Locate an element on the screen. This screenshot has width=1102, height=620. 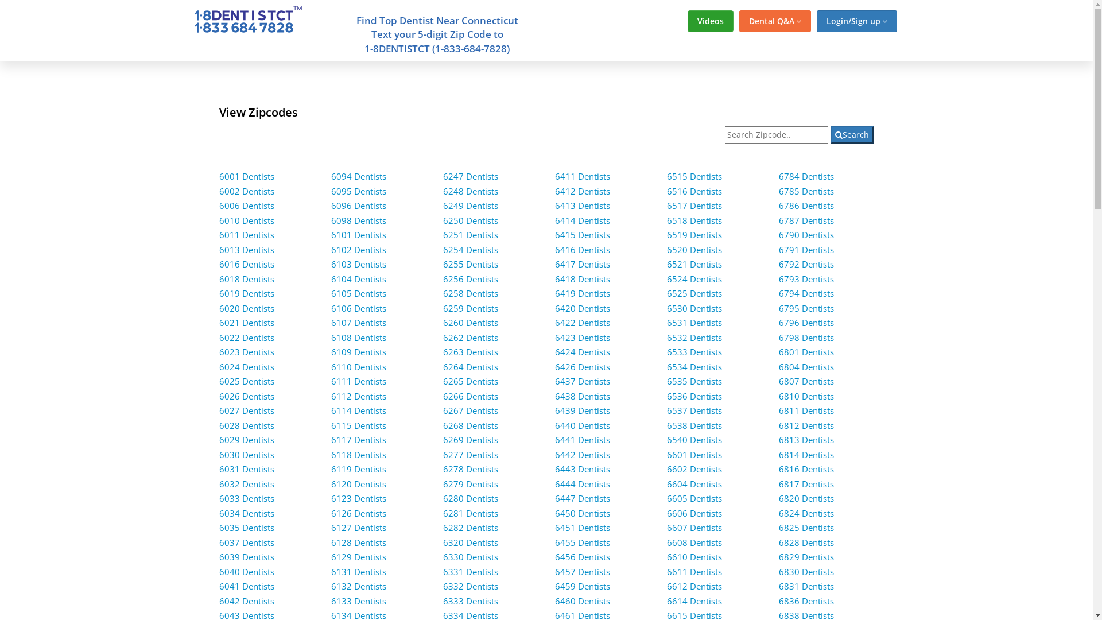
'6801 Dentists' is located at coordinates (806, 351).